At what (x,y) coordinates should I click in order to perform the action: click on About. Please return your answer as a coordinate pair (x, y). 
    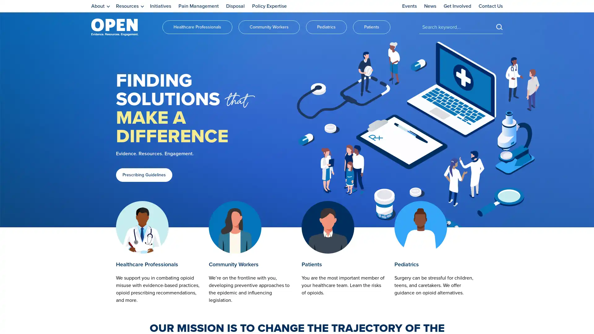
    Looking at the image, I should click on (101, 6).